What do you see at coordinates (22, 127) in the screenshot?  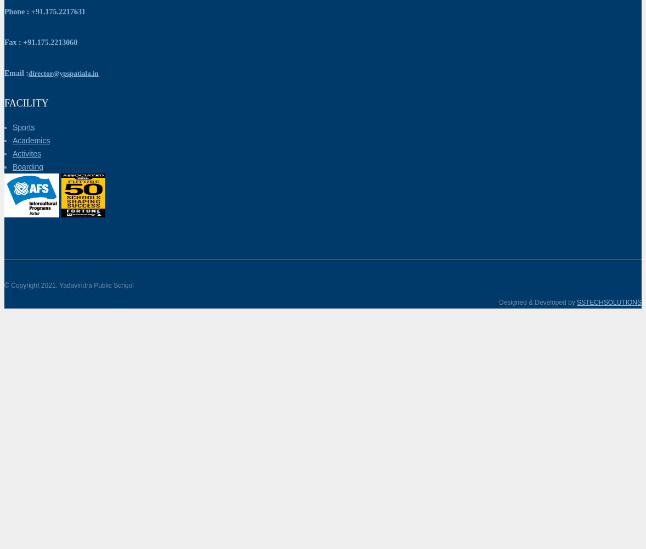 I see `'Sports'` at bounding box center [22, 127].